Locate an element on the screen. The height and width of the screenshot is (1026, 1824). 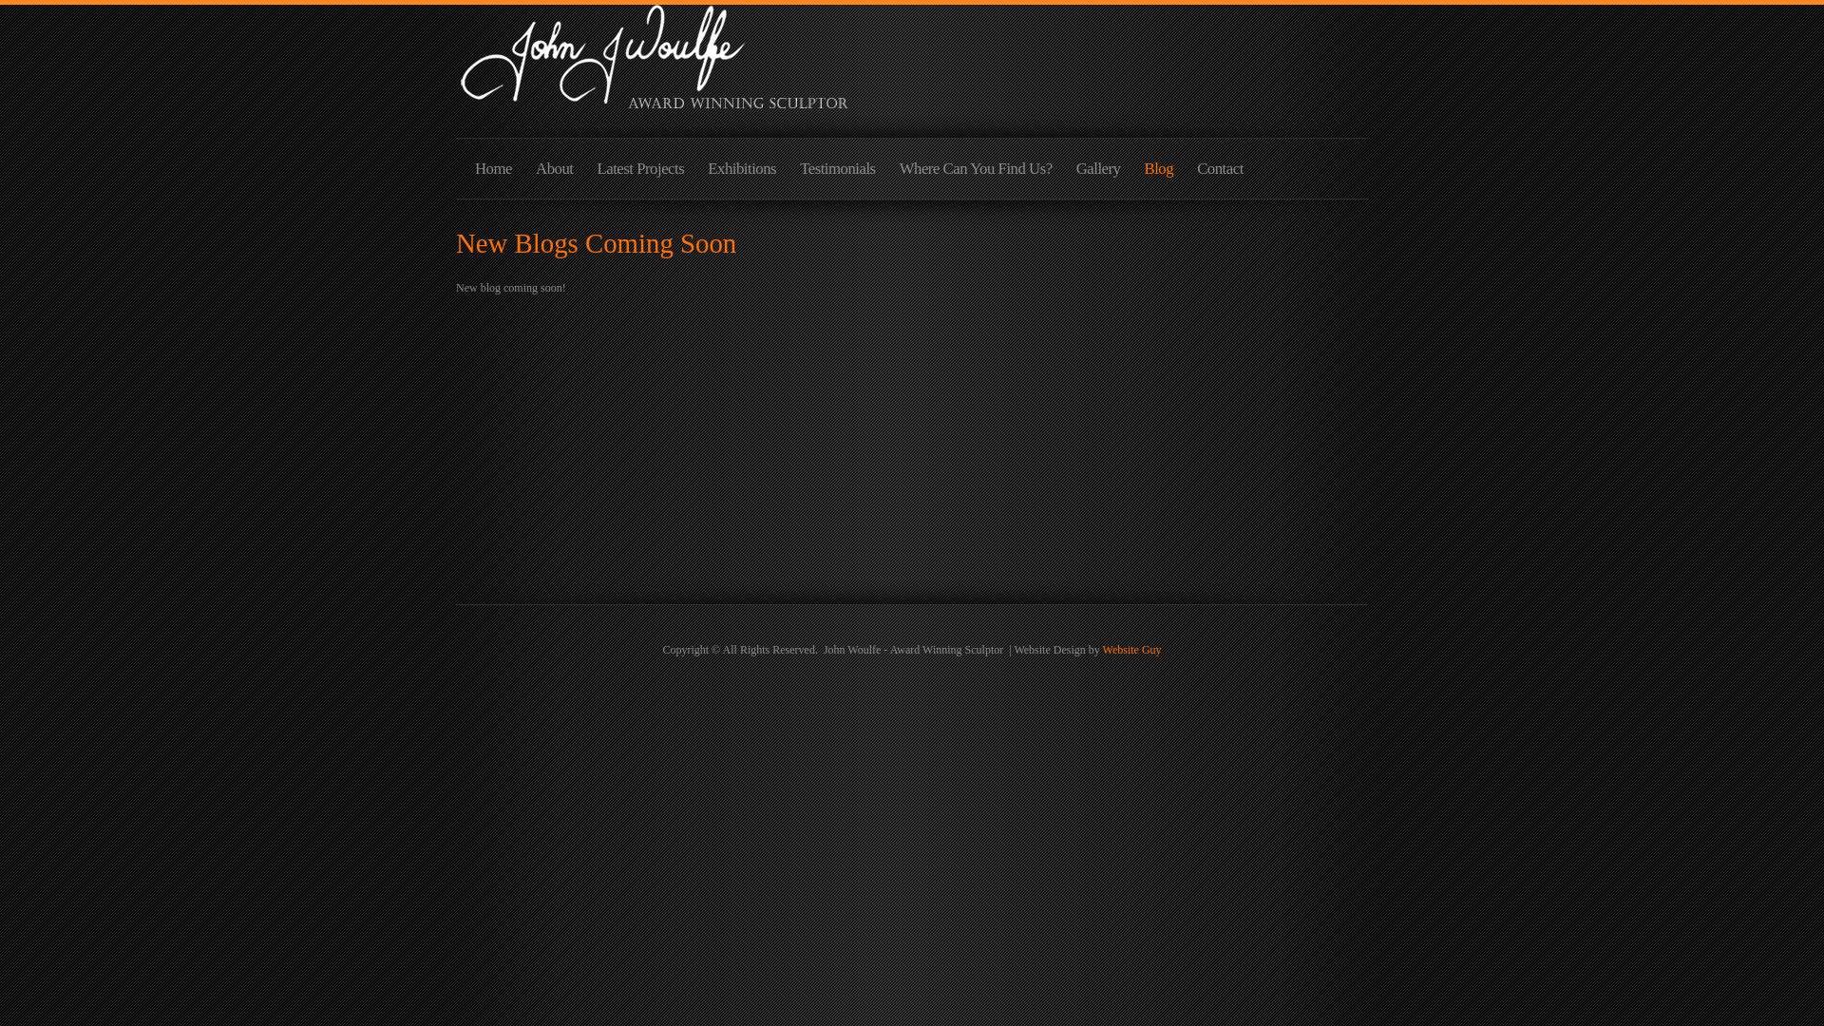
'Where Can You Find Us?' is located at coordinates (976, 174).